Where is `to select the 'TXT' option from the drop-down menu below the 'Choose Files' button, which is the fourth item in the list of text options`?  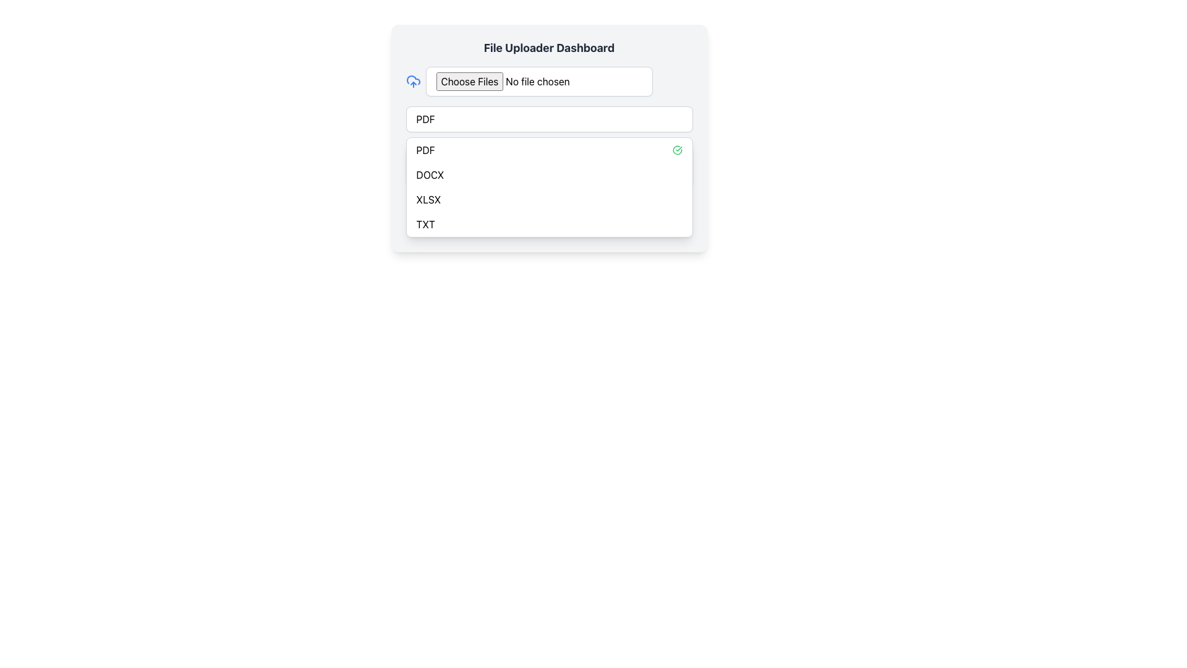 to select the 'TXT' option from the drop-down menu below the 'Choose Files' button, which is the fourth item in the list of text options is located at coordinates (425, 224).